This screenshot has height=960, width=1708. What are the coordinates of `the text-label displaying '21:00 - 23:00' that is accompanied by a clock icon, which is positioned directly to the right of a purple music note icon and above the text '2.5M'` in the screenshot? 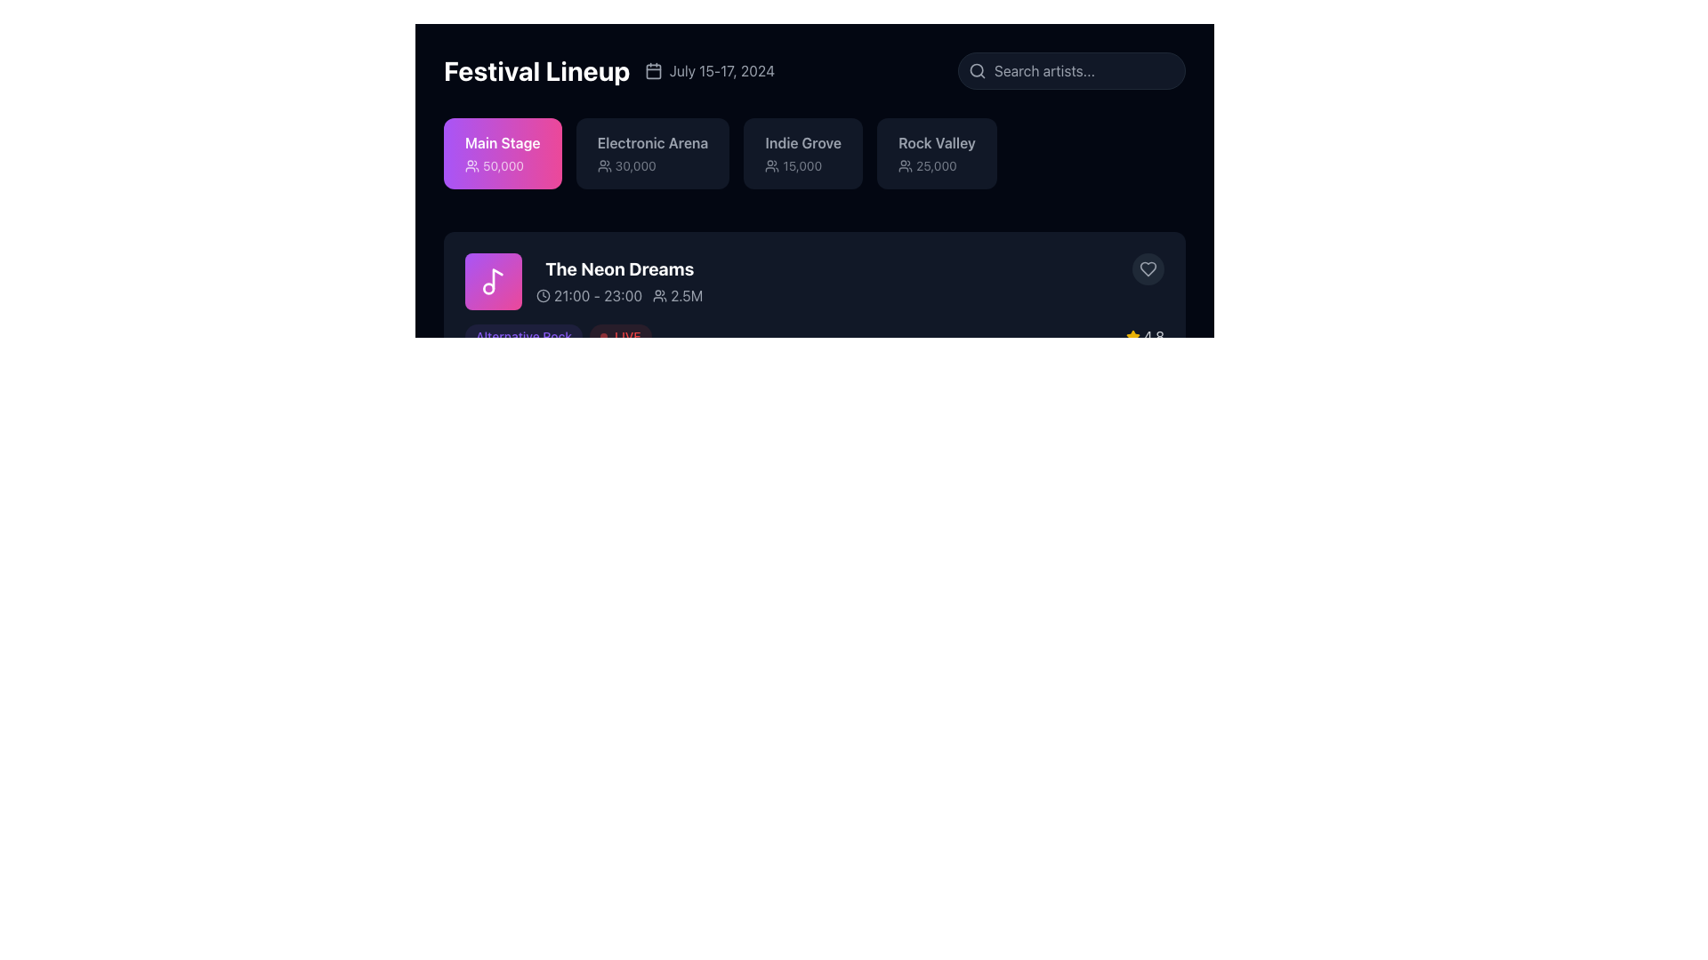 It's located at (589, 294).